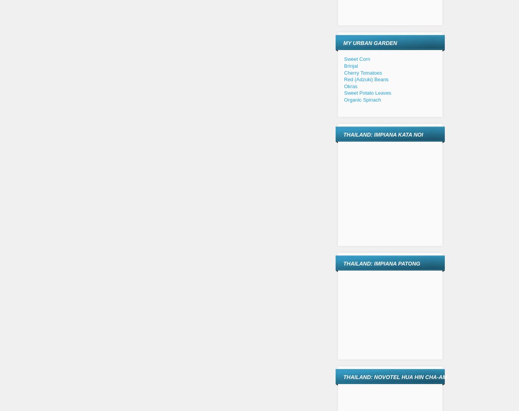 This screenshot has height=411, width=519. I want to click on 'Thailand: Novotel Hua Hin Cha-Am', so click(395, 377).